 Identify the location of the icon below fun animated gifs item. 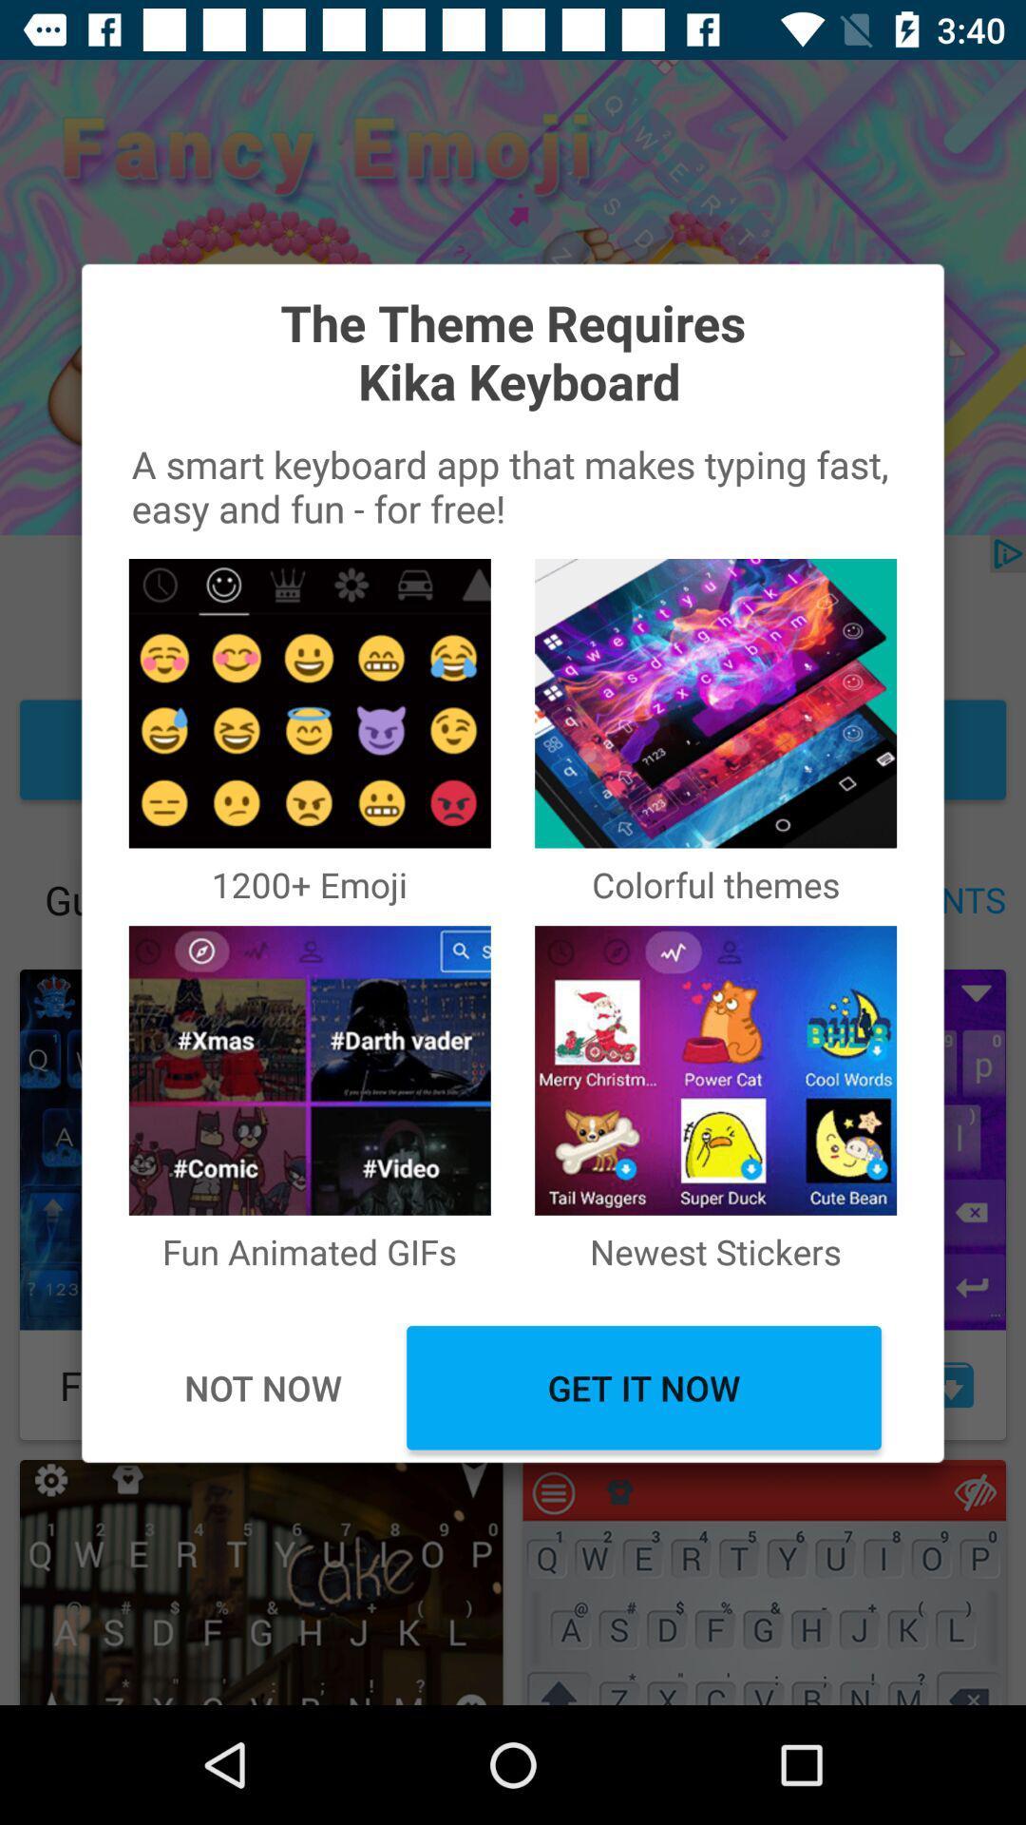
(262, 1388).